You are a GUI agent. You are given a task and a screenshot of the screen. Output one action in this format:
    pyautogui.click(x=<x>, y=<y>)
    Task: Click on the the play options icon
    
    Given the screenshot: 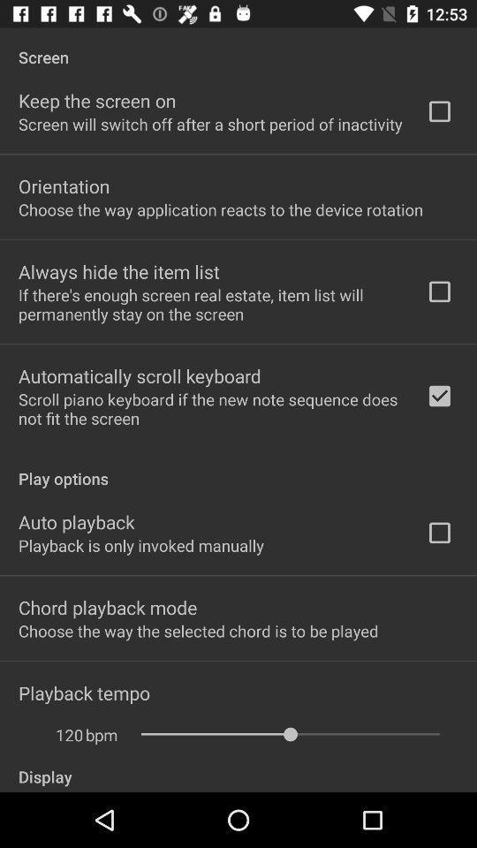 What is the action you would take?
    pyautogui.click(x=238, y=468)
    